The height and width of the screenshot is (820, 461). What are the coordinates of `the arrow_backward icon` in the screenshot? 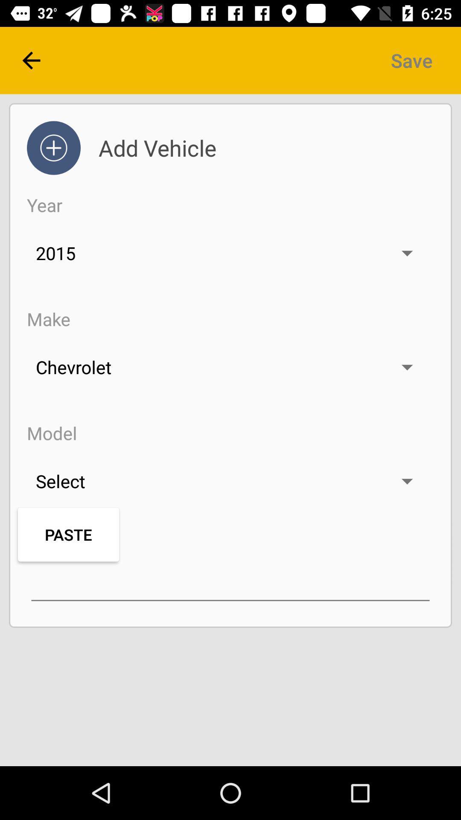 It's located at (31, 60).